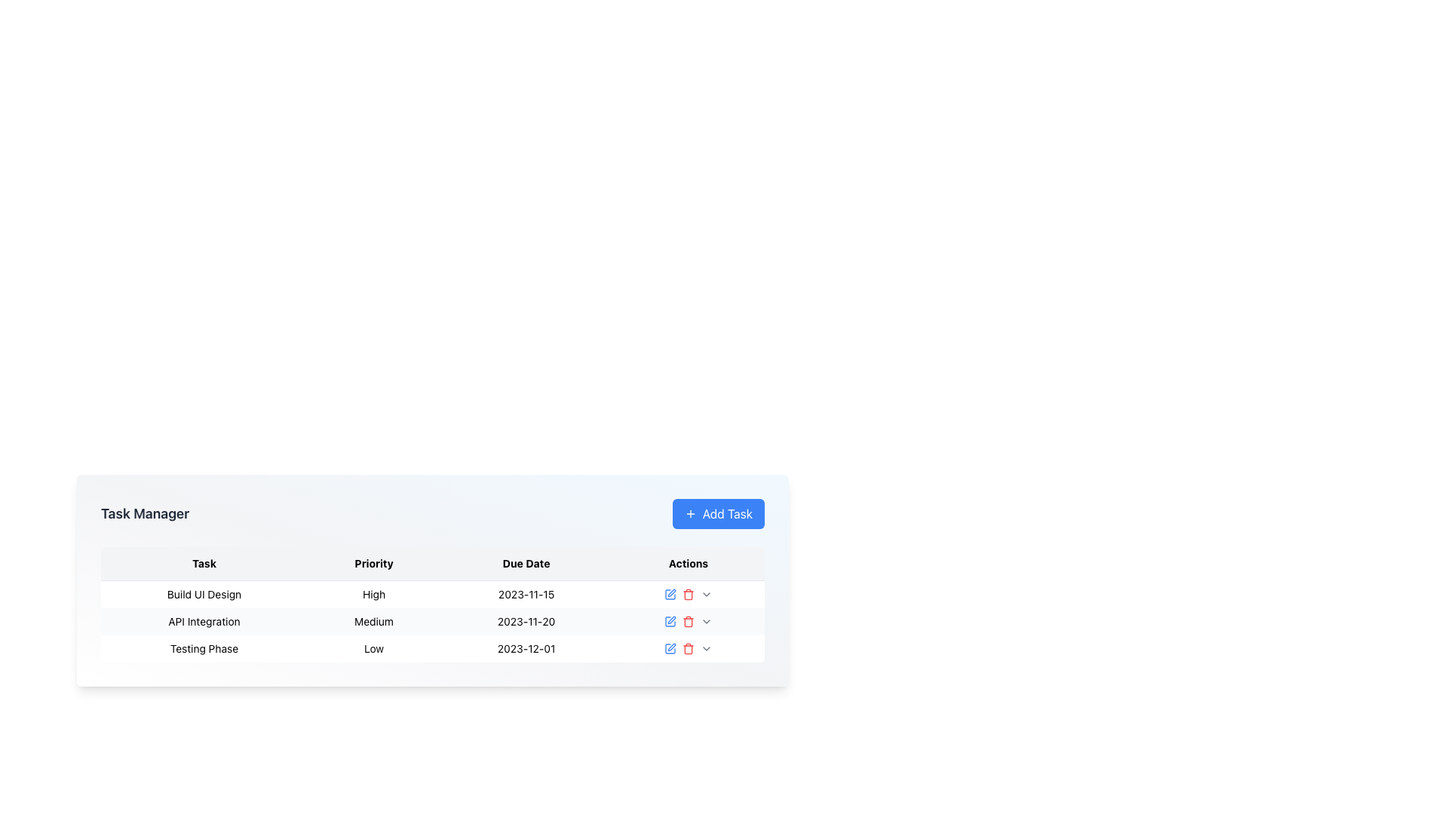 This screenshot has width=1448, height=814. I want to click on the second icon in the 'Actions' column of the 'Testing Phase' task row to receive additional information or feedback, so click(671, 647).